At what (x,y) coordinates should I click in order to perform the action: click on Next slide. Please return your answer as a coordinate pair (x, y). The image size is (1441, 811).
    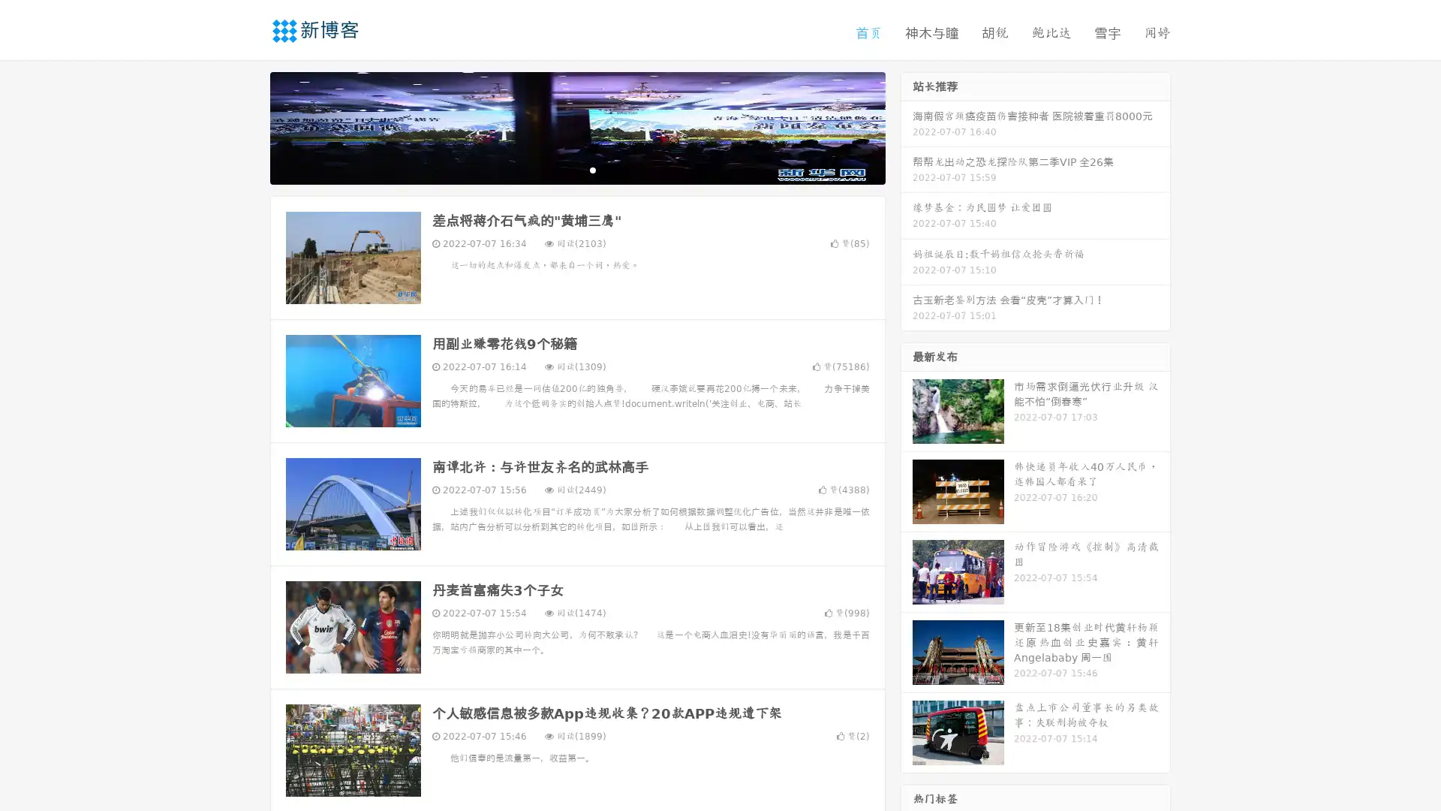
    Looking at the image, I should click on (907, 126).